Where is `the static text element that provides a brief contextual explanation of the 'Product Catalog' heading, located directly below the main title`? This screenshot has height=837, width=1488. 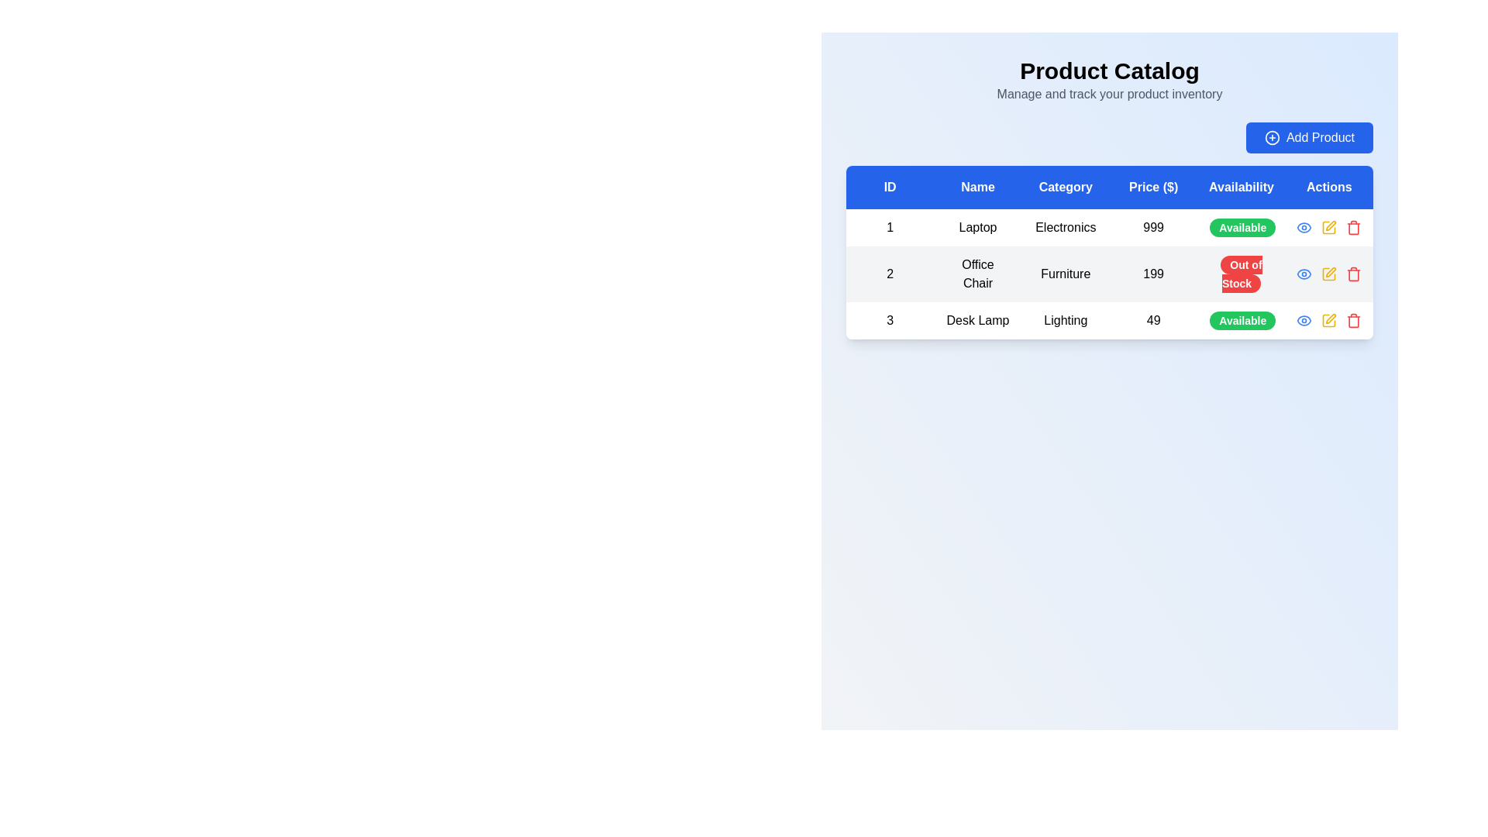
the static text element that provides a brief contextual explanation of the 'Product Catalog' heading, located directly below the main title is located at coordinates (1108, 95).